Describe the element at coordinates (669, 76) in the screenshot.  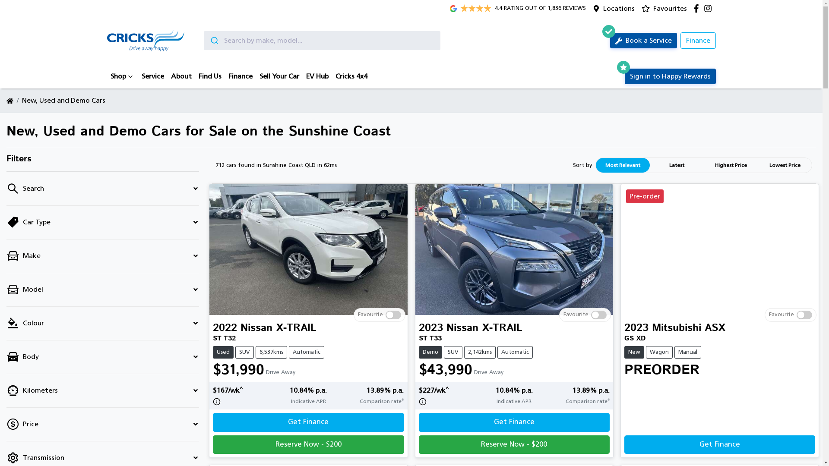
I see `'Sign in to Happy Rewards'` at that location.